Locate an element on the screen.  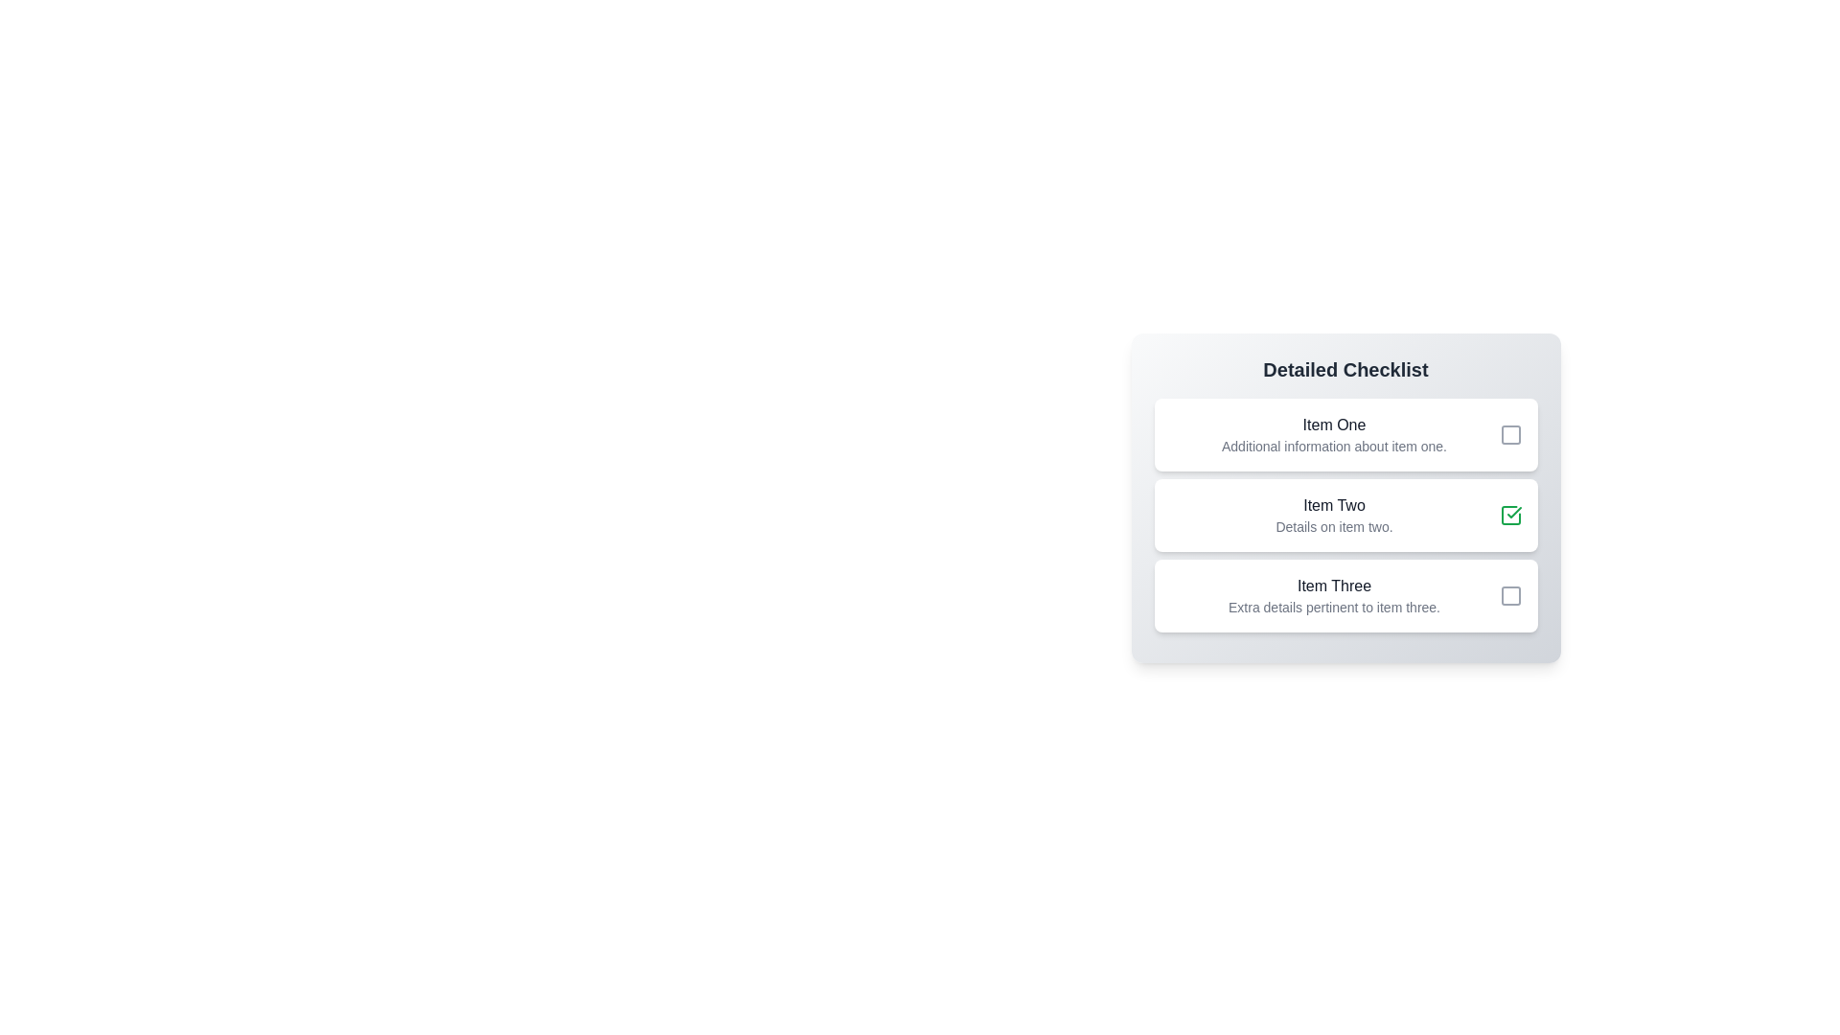
the green check icon representing the state indicator next to 'Item Two' in the checklist is located at coordinates (1509, 514).